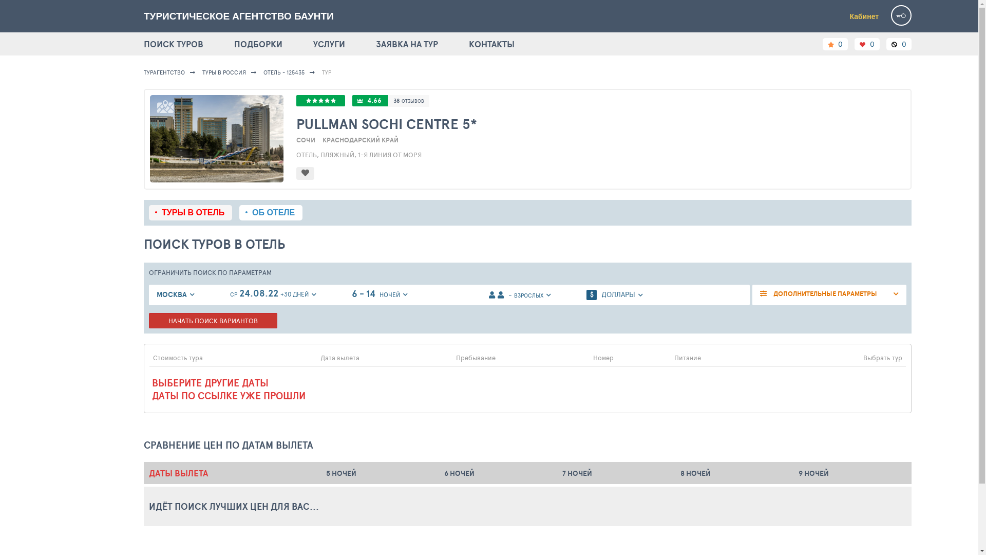 The image size is (986, 555). I want to click on '0', so click(866, 43).